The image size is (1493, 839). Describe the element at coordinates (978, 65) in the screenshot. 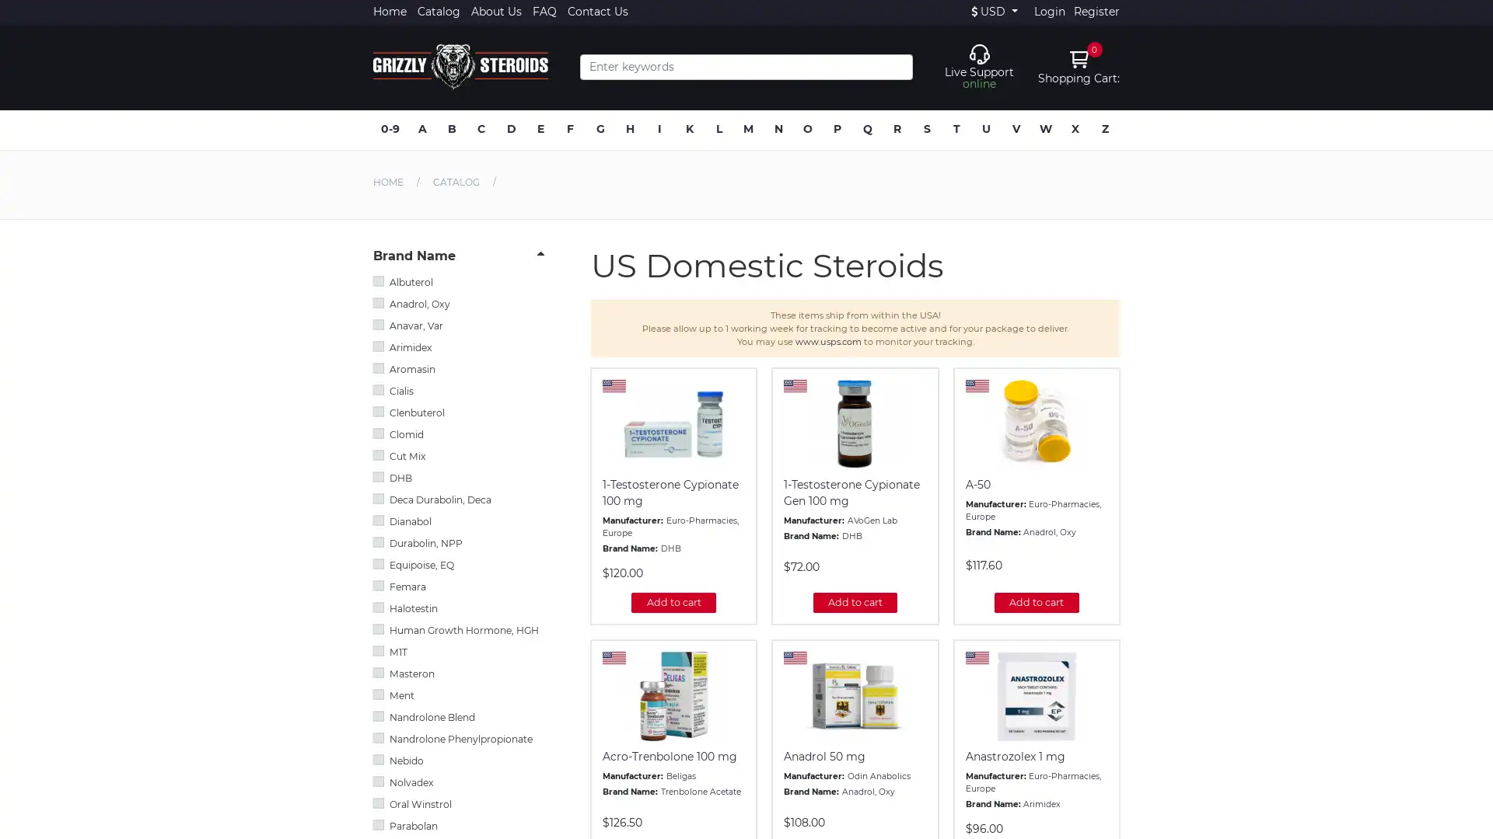

I see `Live Support online` at that location.